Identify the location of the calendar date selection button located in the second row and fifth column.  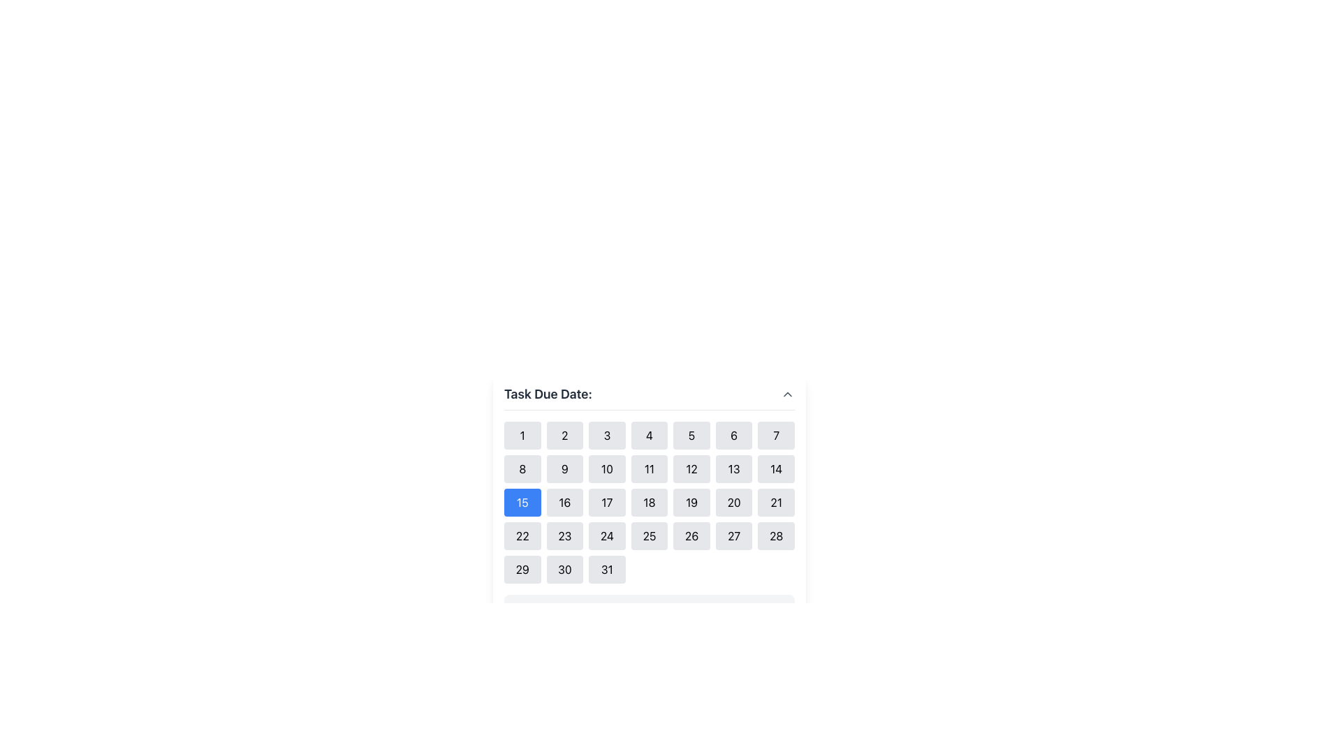
(691, 468).